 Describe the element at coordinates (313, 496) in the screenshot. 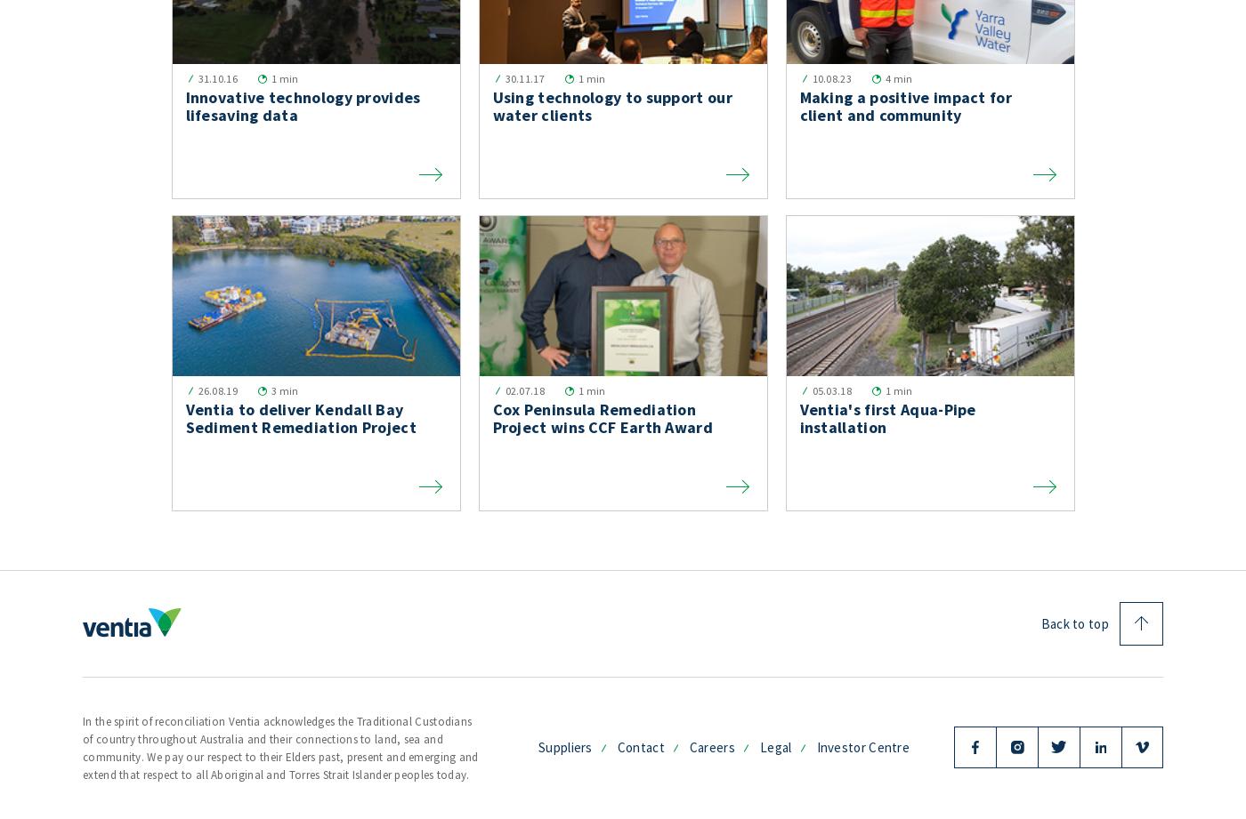

I see `'Following the successful completion of a field-based technology trial last year, Ventia has been awarded the contract to deliver the Kendall Bay Sediment Remediation Project for our cl...'` at that location.